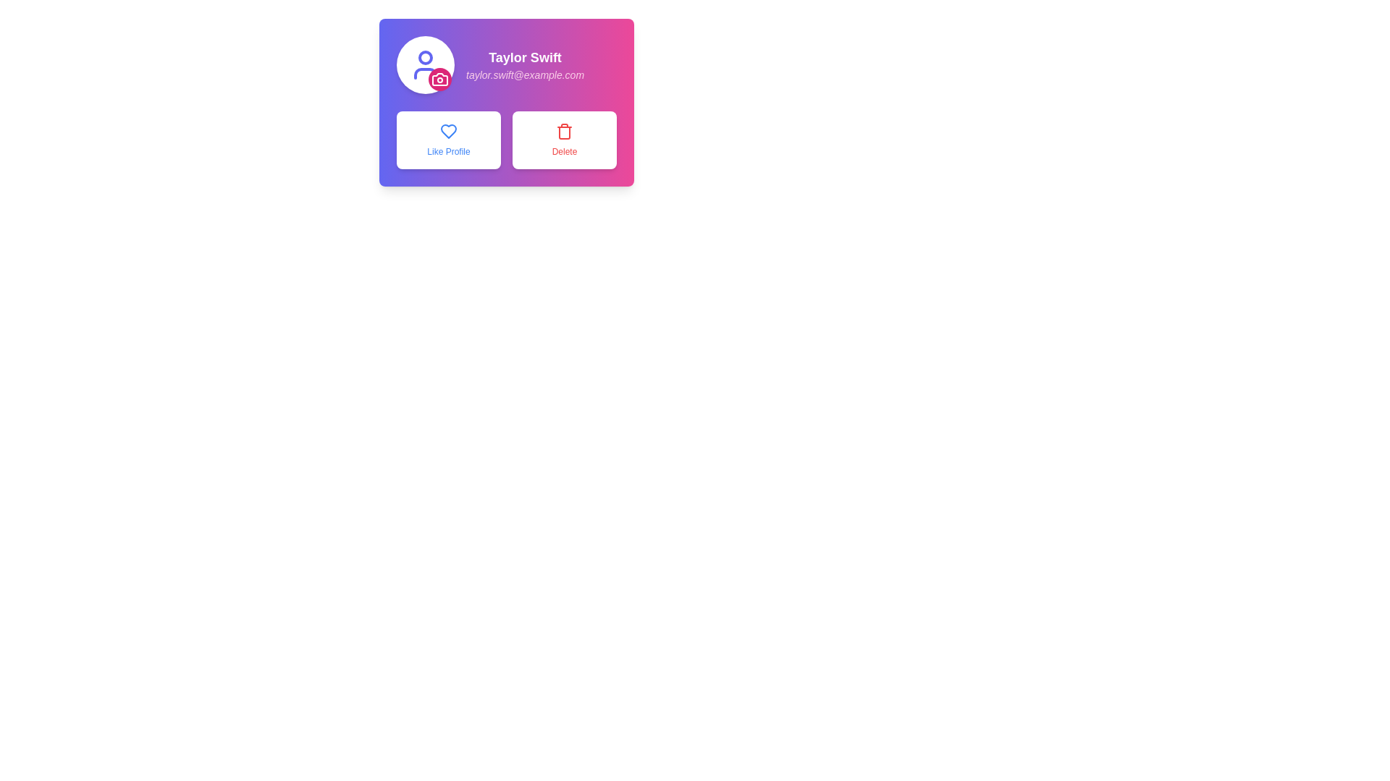  Describe the element at coordinates (447, 131) in the screenshot. I see `the heart icon located inside the 'Like Profile' button` at that location.